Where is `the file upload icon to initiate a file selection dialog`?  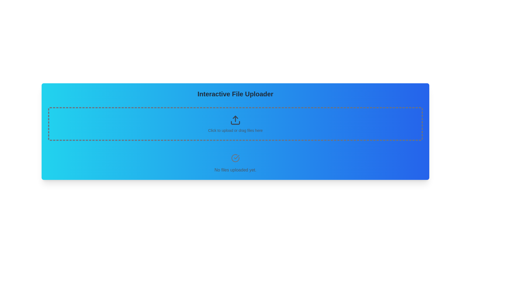 the file upload icon to initiate a file selection dialog is located at coordinates (235, 120).